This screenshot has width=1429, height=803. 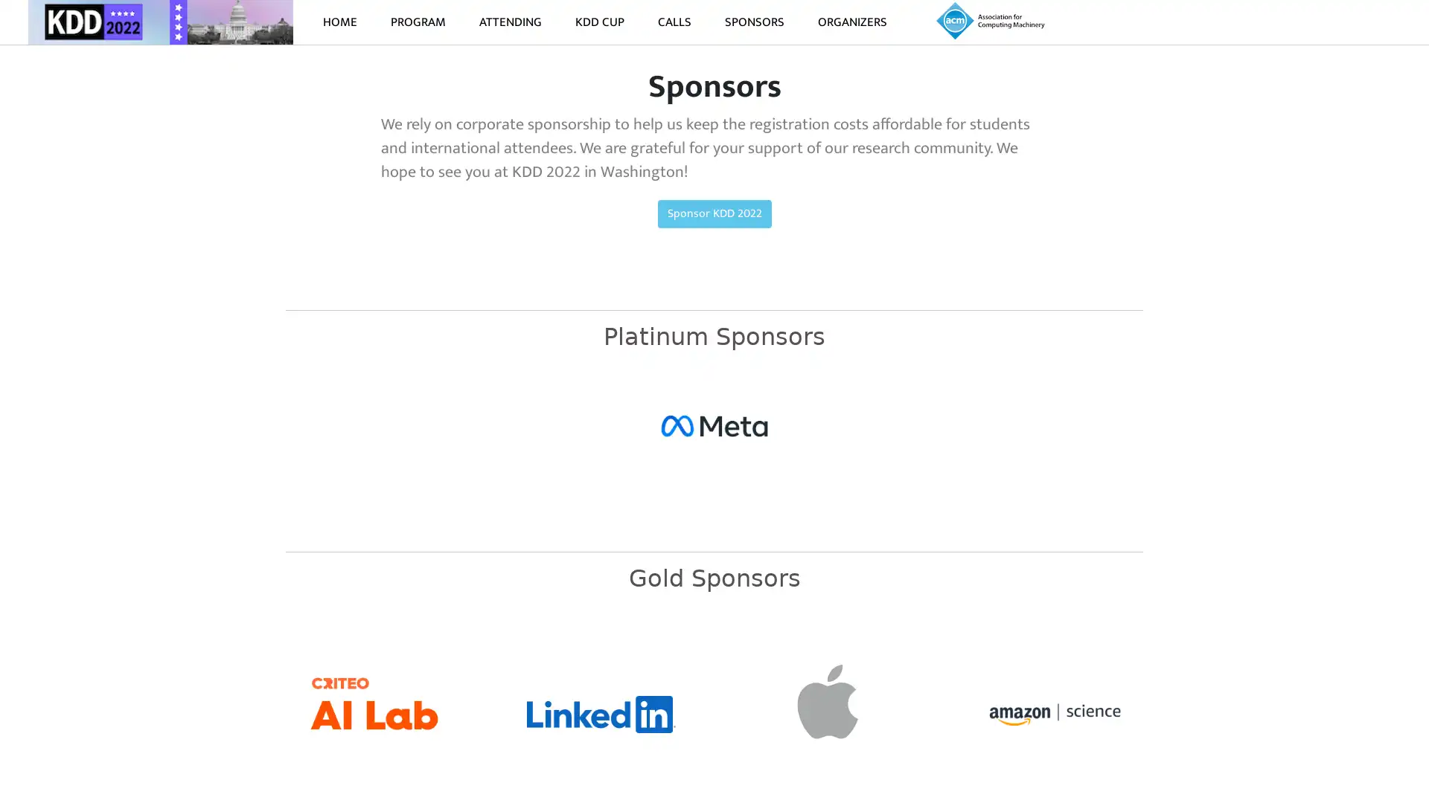 What do you see at coordinates (713, 213) in the screenshot?
I see `Sponsor KDD 2022` at bounding box center [713, 213].